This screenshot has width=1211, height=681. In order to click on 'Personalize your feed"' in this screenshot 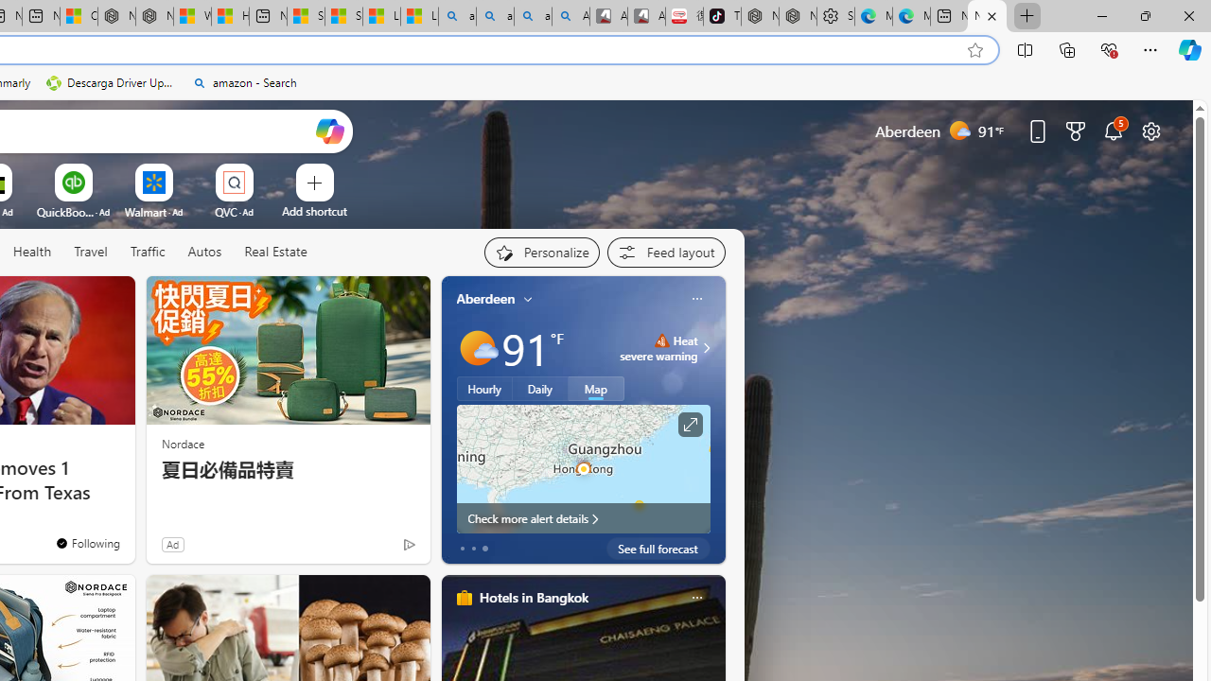, I will do `click(540, 252)`.